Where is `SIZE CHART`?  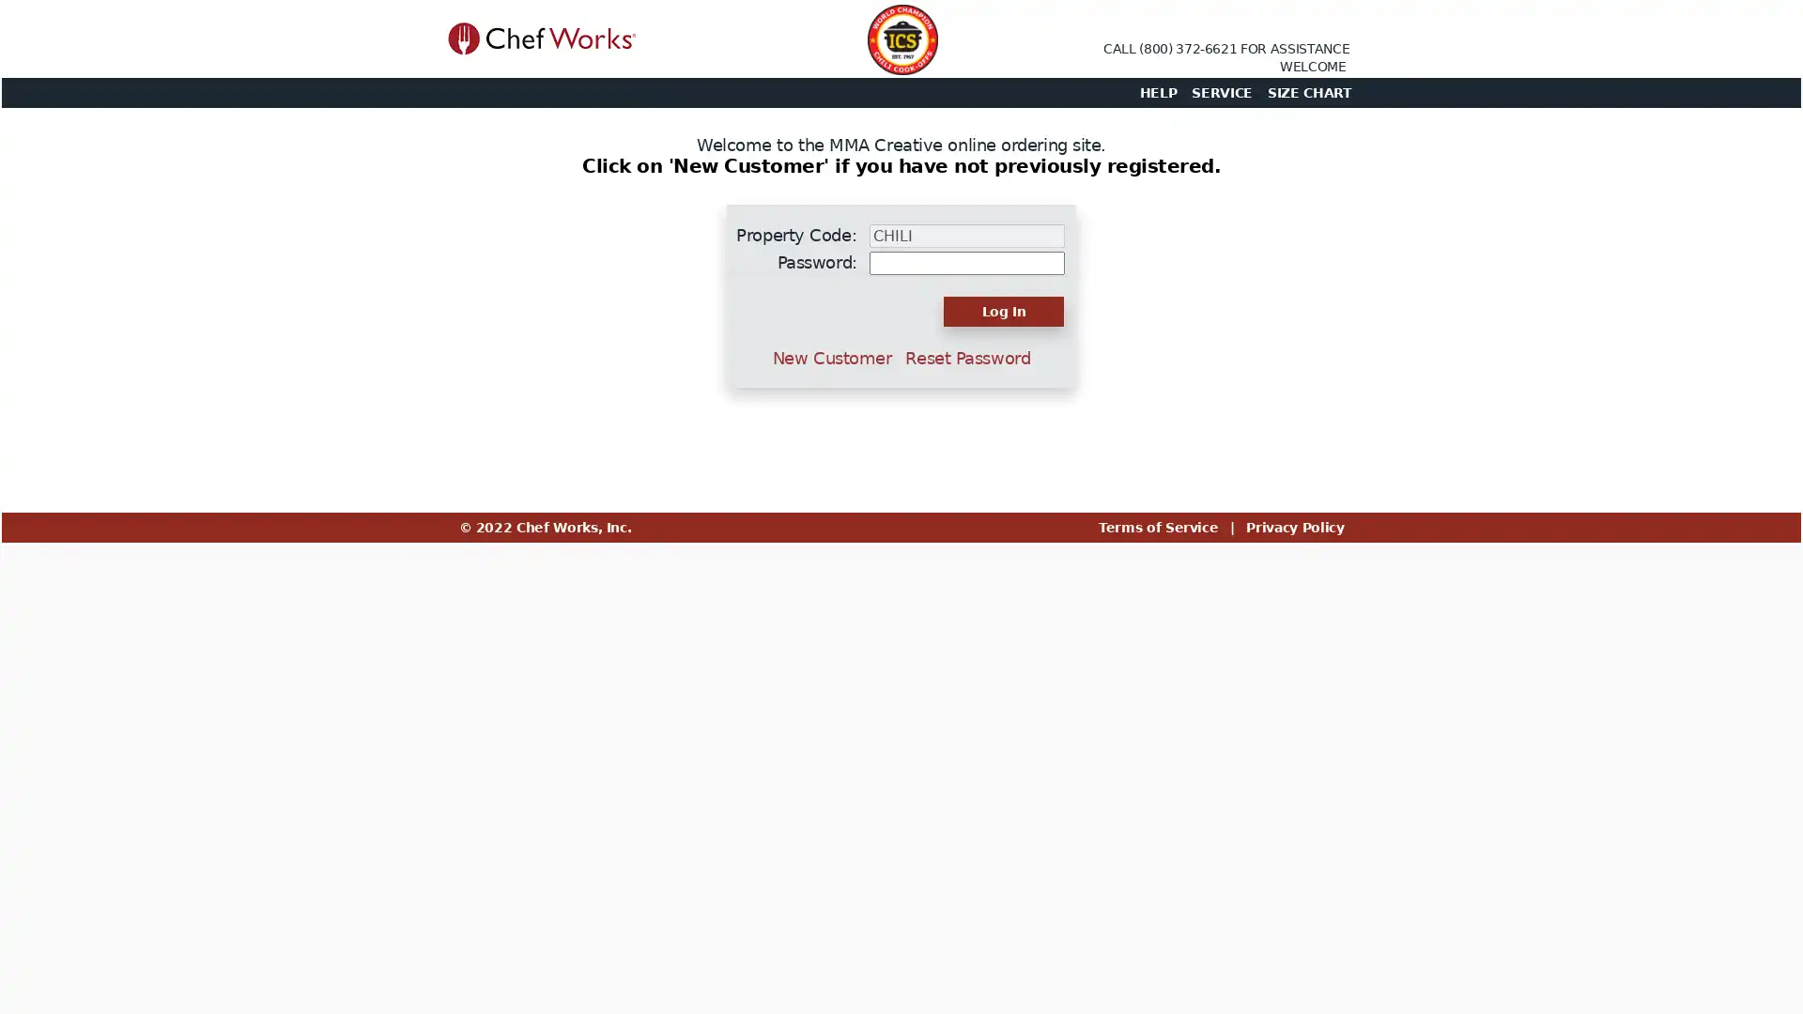
SIZE CHART is located at coordinates (1308, 93).